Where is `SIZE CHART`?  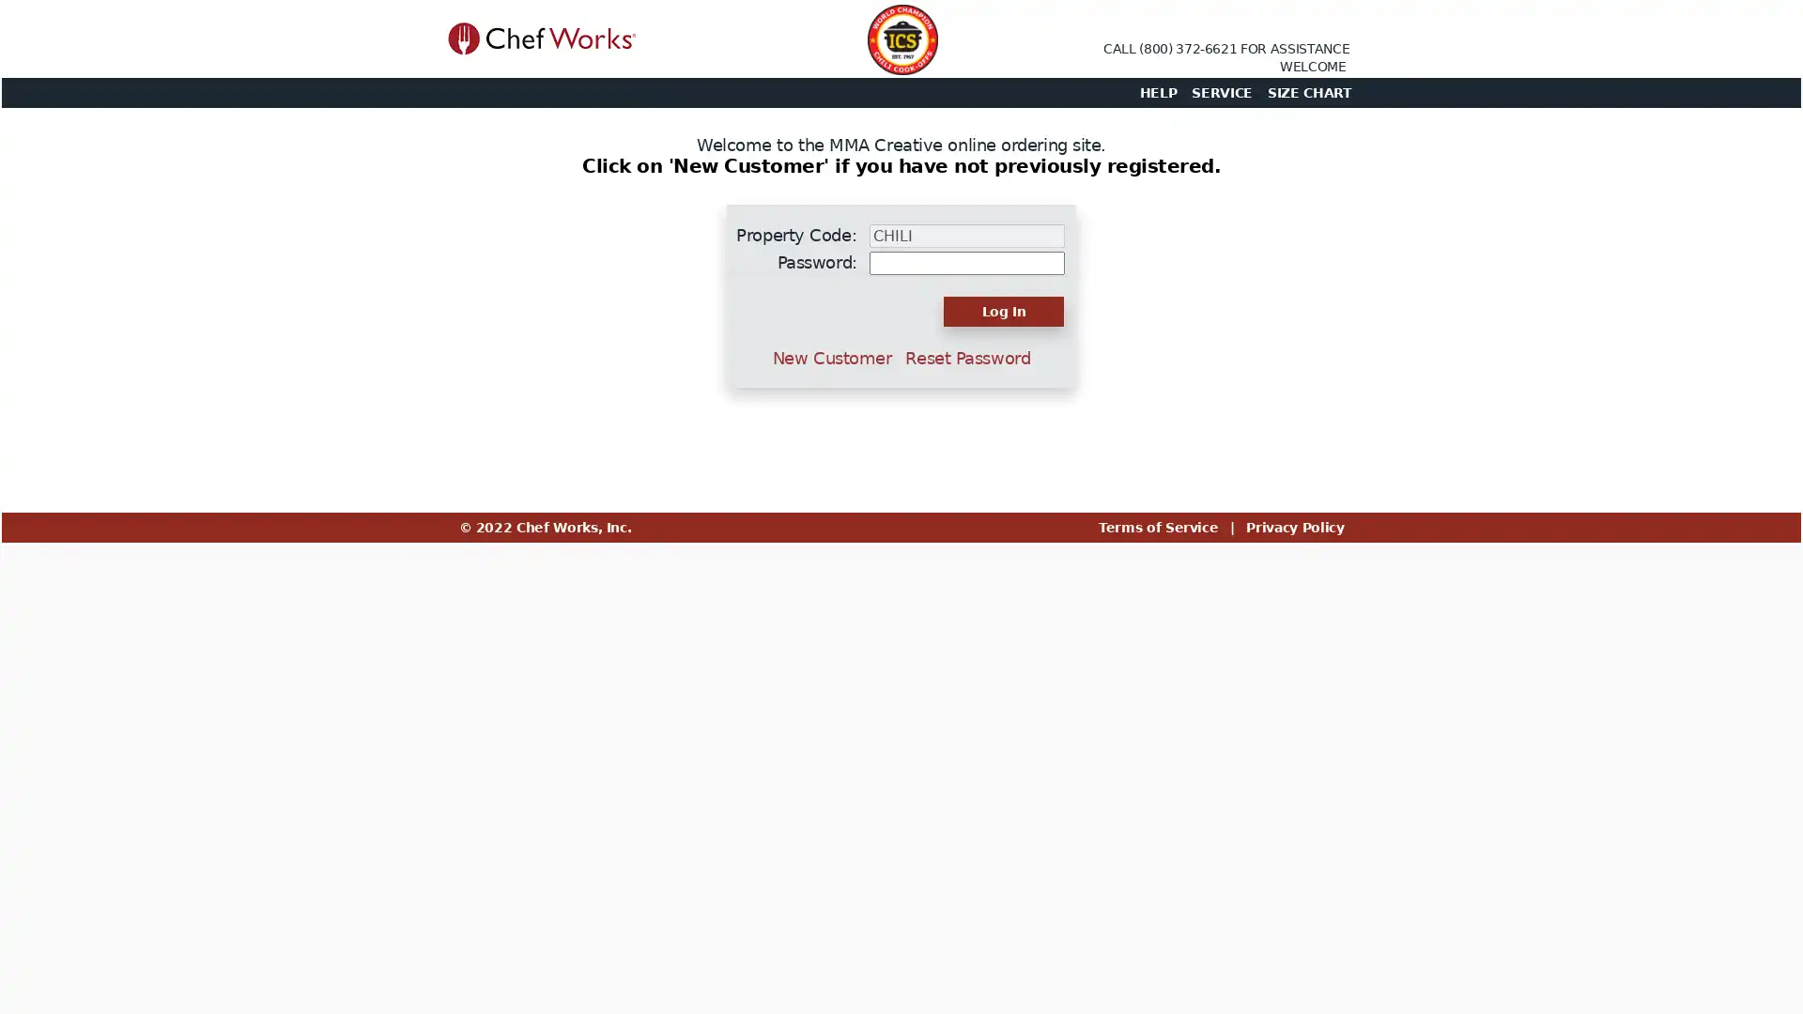
SIZE CHART is located at coordinates (1308, 93).